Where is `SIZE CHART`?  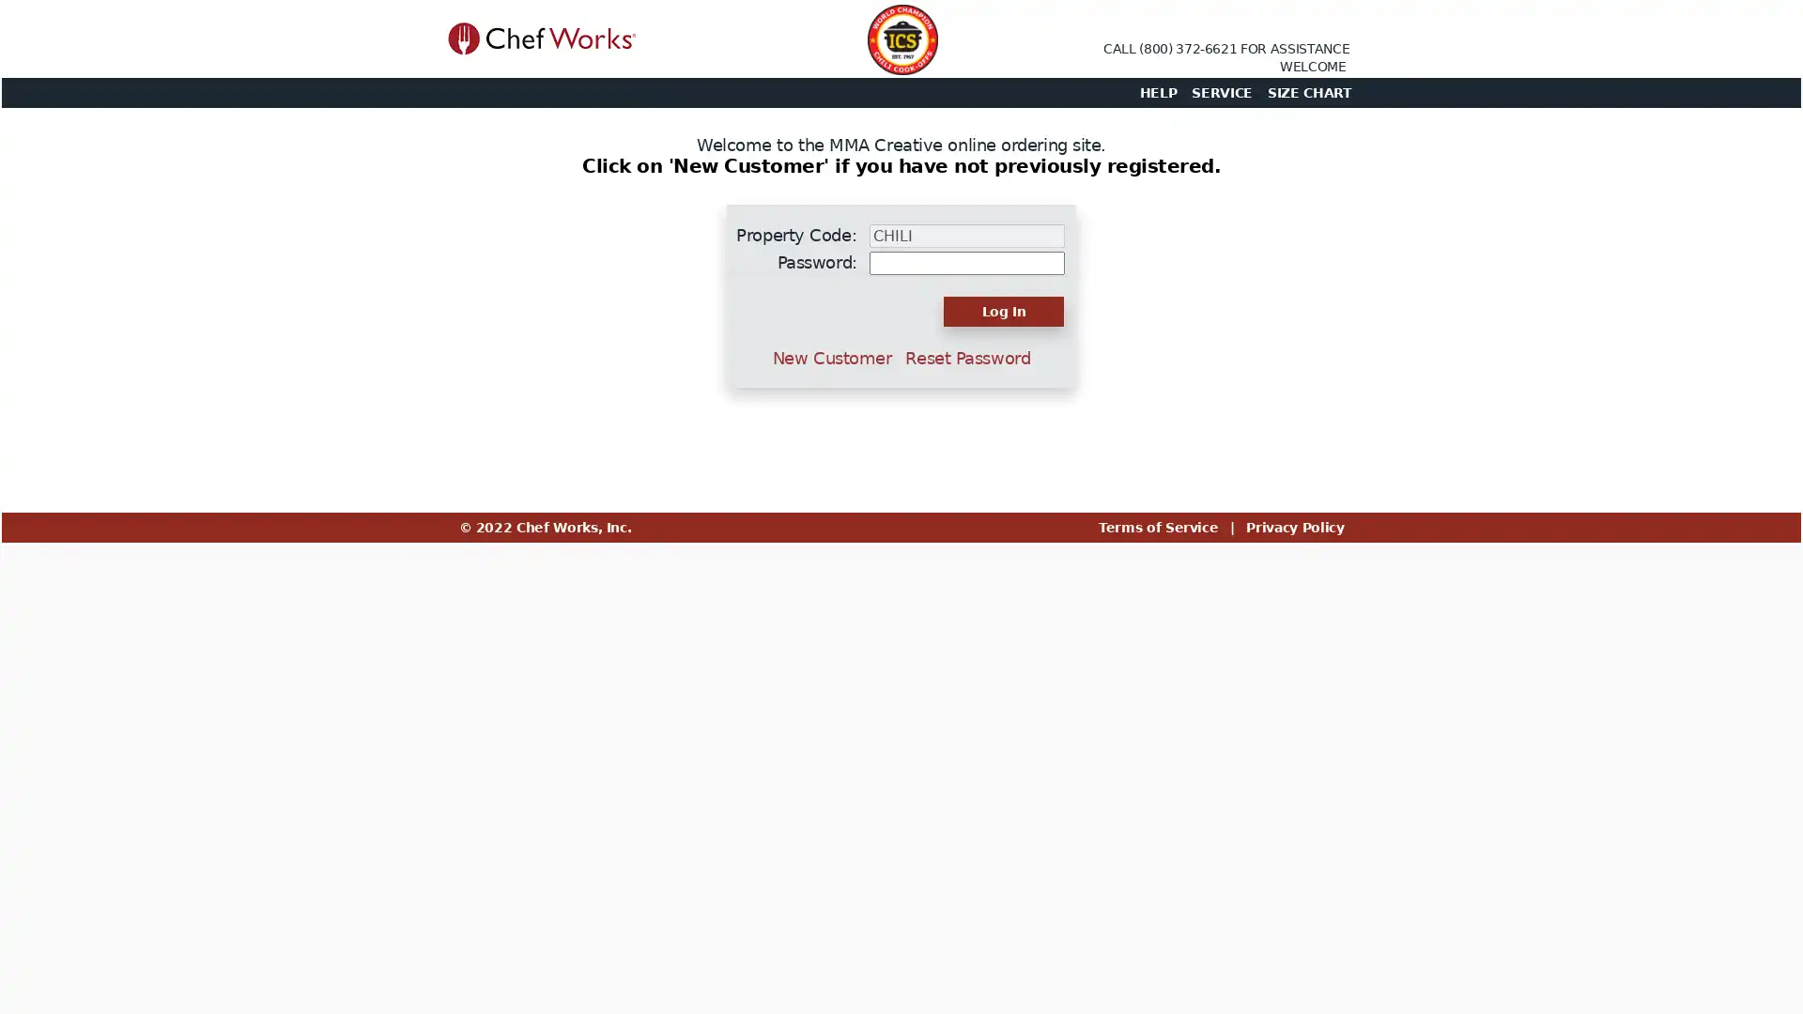
SIZE CHART is located at coordinates (1308, 93).